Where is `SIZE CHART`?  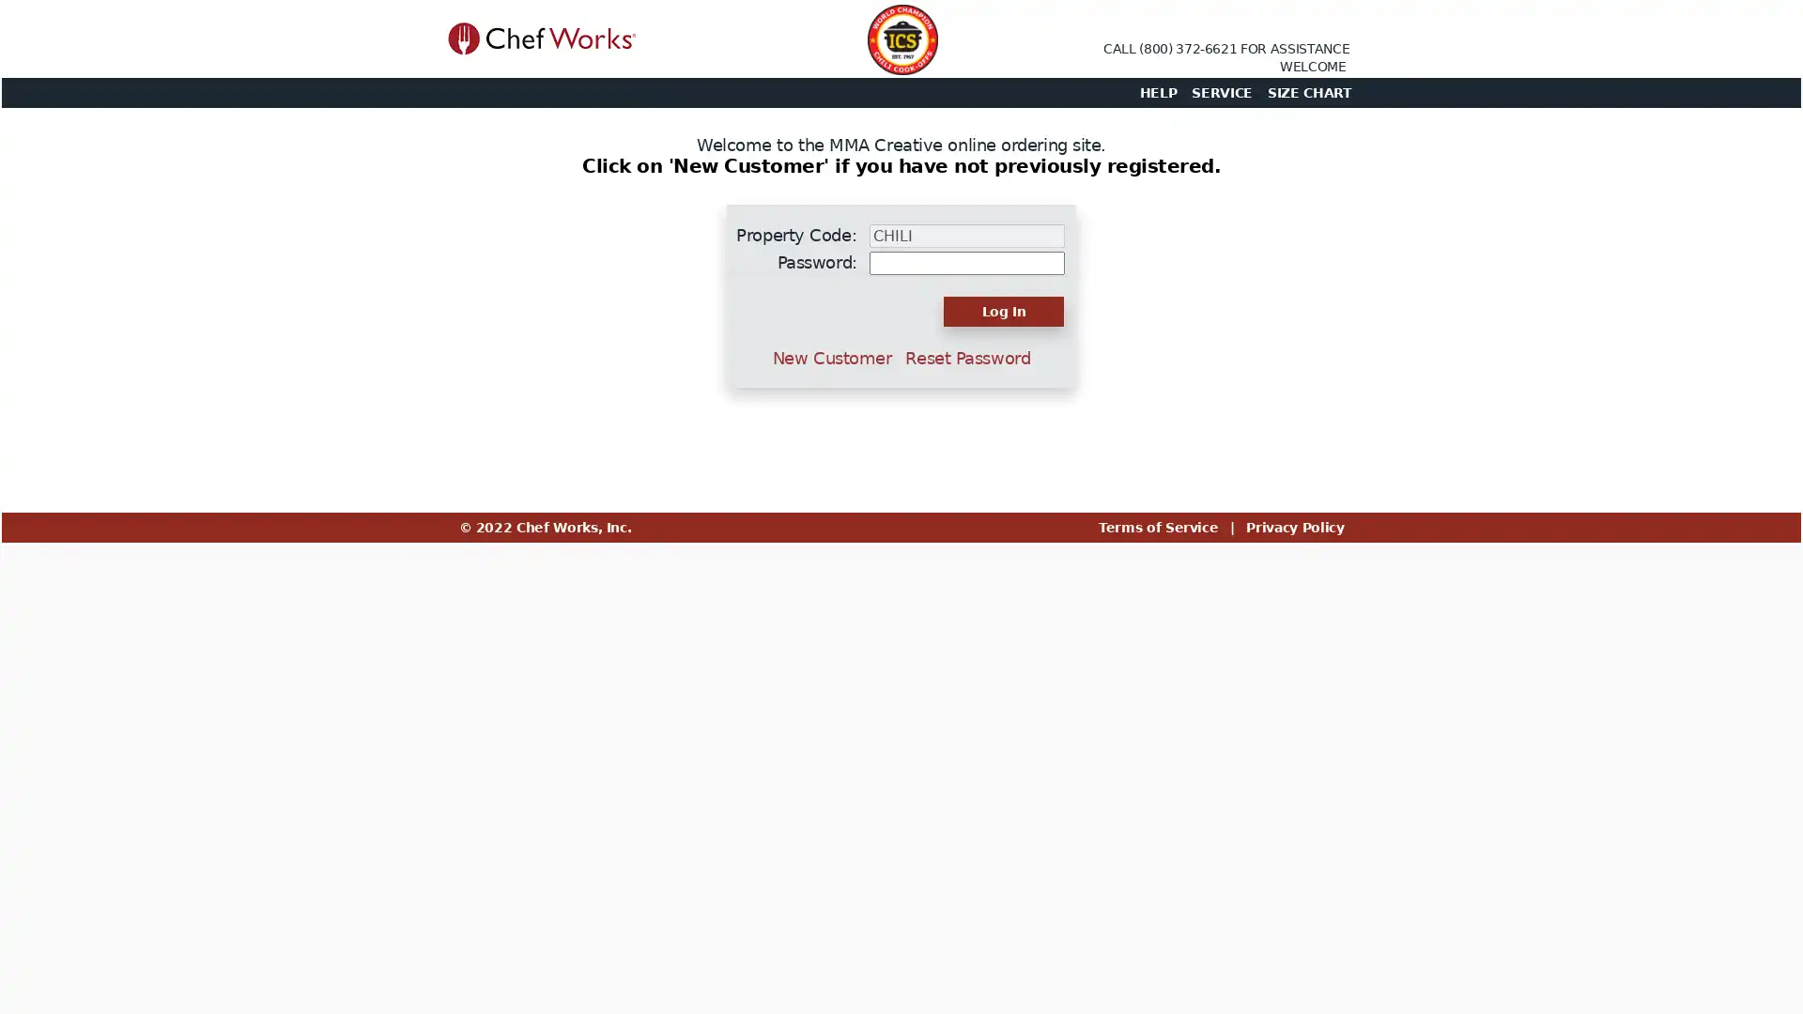
SIZE CHART is located at coordinates (1308, 93).